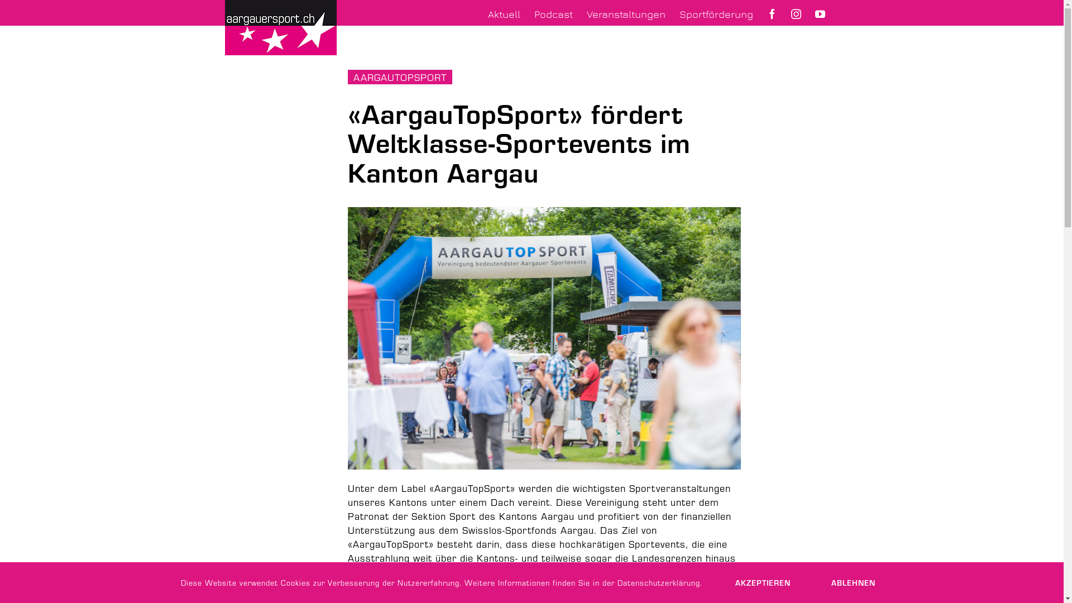 This screenshot has height=603, width=1072. I want to click on 'Veranstaltungen', so click(625, 15).